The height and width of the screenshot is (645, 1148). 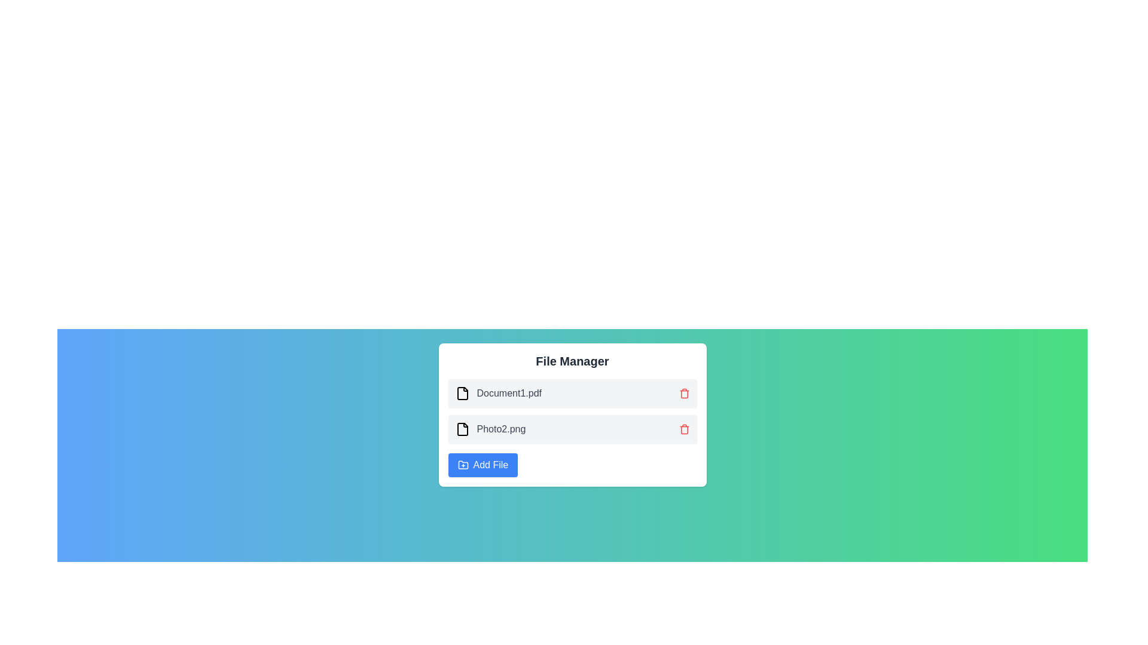 I want to click on the 'Add File' button, which features a folder icon with a plus symbol inside, rendered in white on a blue background, located at the left side of the button's text label 'Add File', so click(x=462, y=465).